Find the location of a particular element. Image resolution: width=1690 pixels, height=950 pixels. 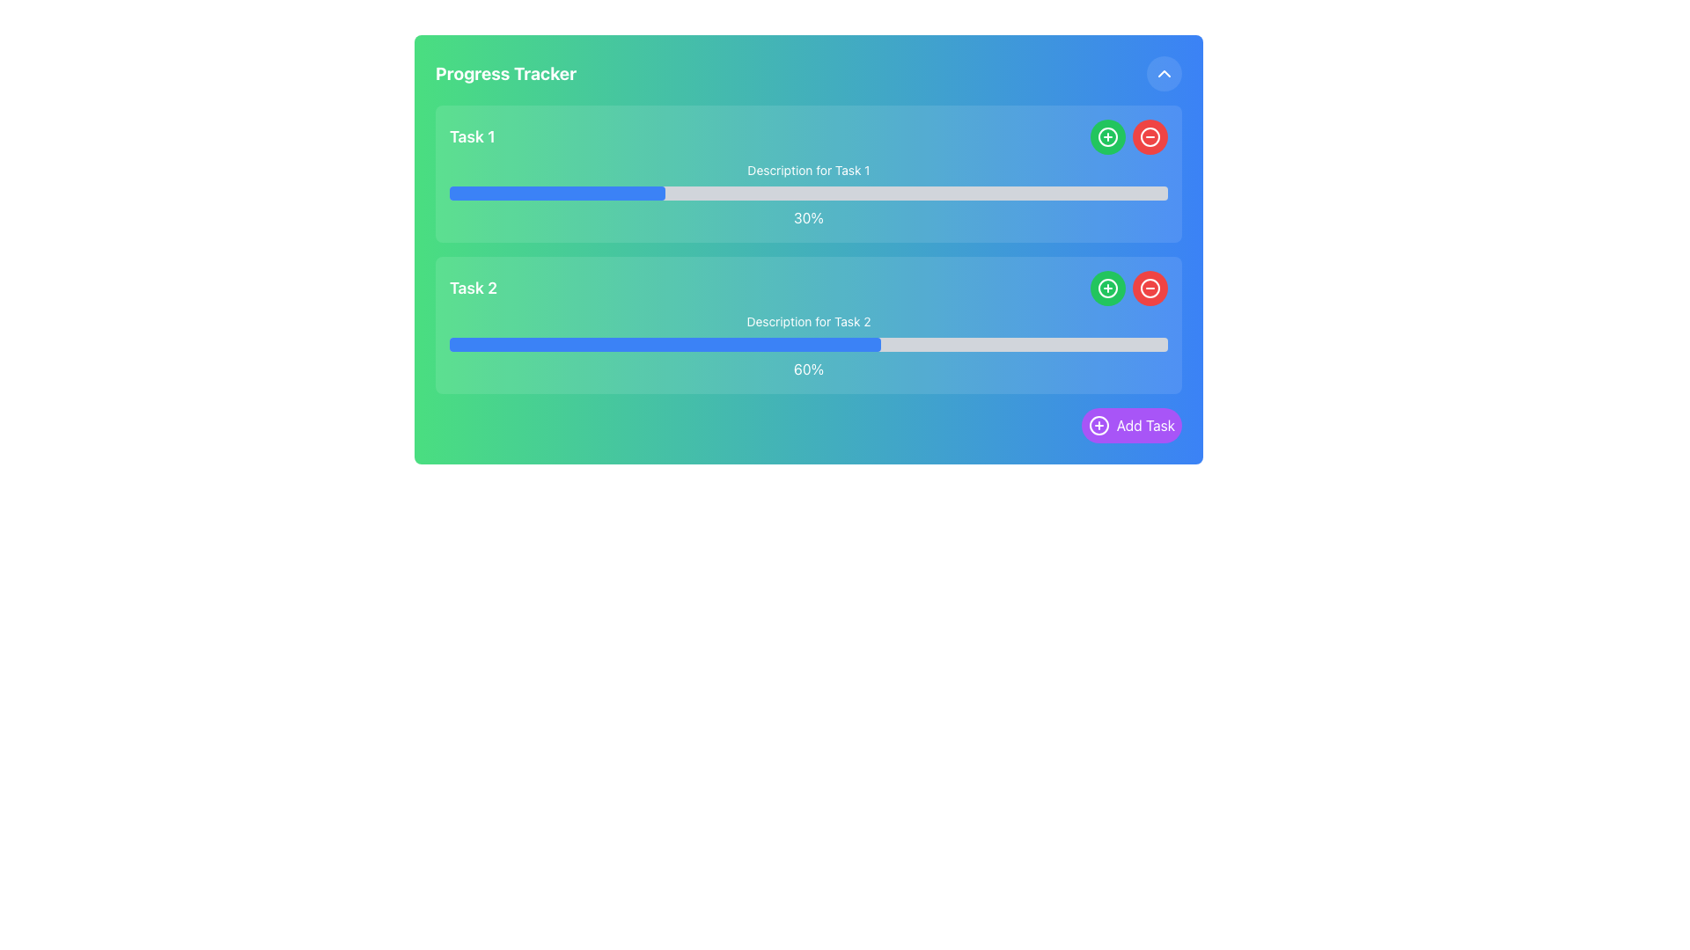

the blue filled portion of the progress bar segment located below the 'Description for Task 2' text is located at coordinates (664, 345).